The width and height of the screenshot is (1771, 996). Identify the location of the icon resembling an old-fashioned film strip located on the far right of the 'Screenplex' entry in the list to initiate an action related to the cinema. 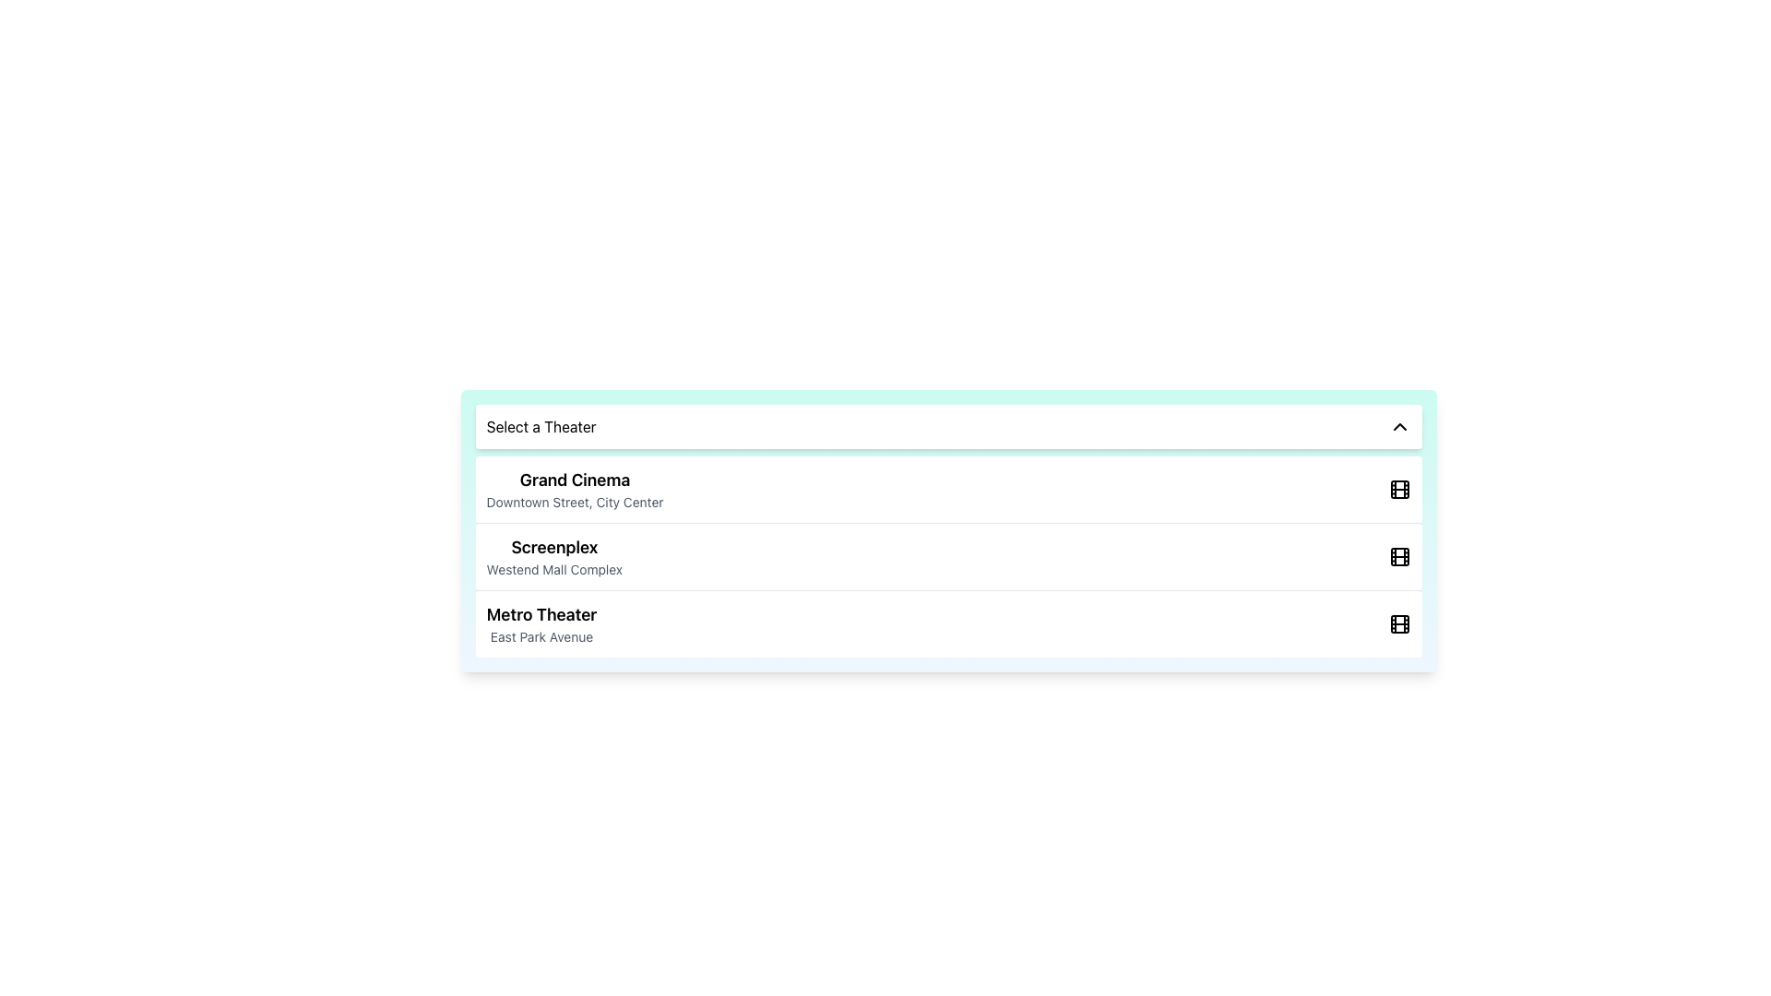
(1399, 556).